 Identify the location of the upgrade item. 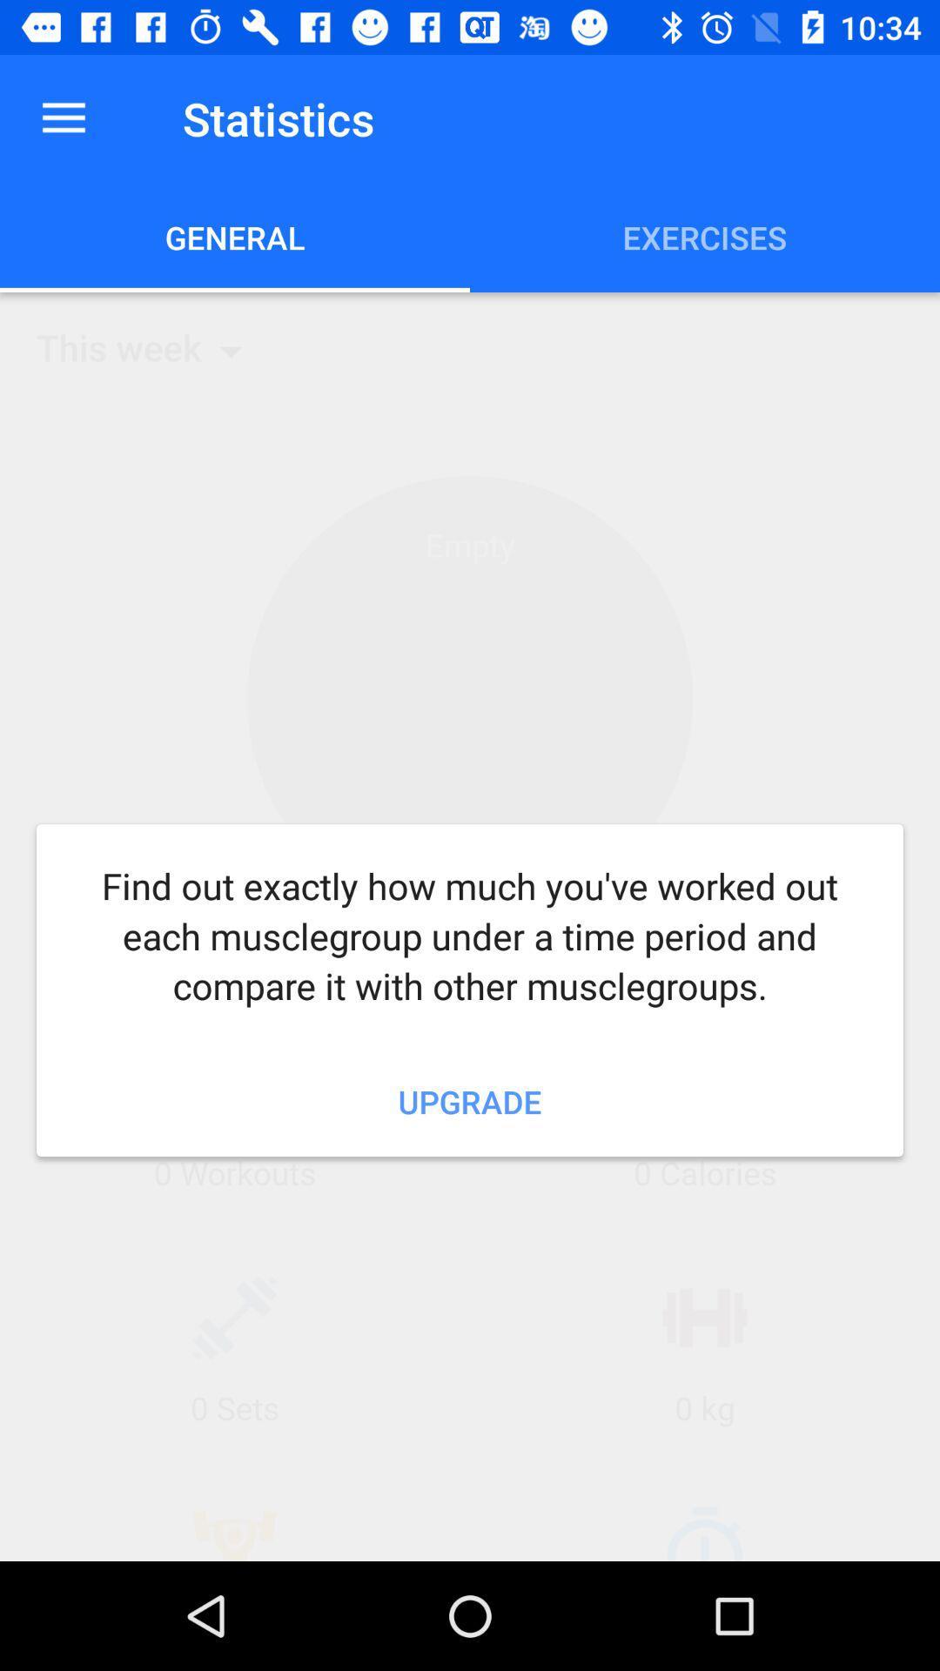
(470, 1101).